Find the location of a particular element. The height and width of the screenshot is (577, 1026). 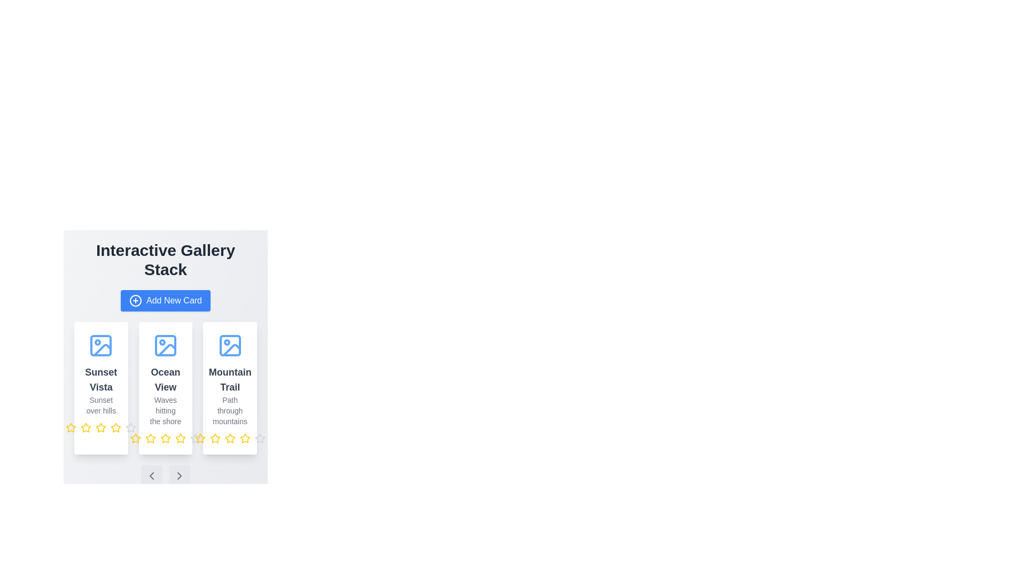

the Graphic background rectangle with a blue outline, located within the image icon of the 'Mountain Trail' card is located at coordinates (229, 346).